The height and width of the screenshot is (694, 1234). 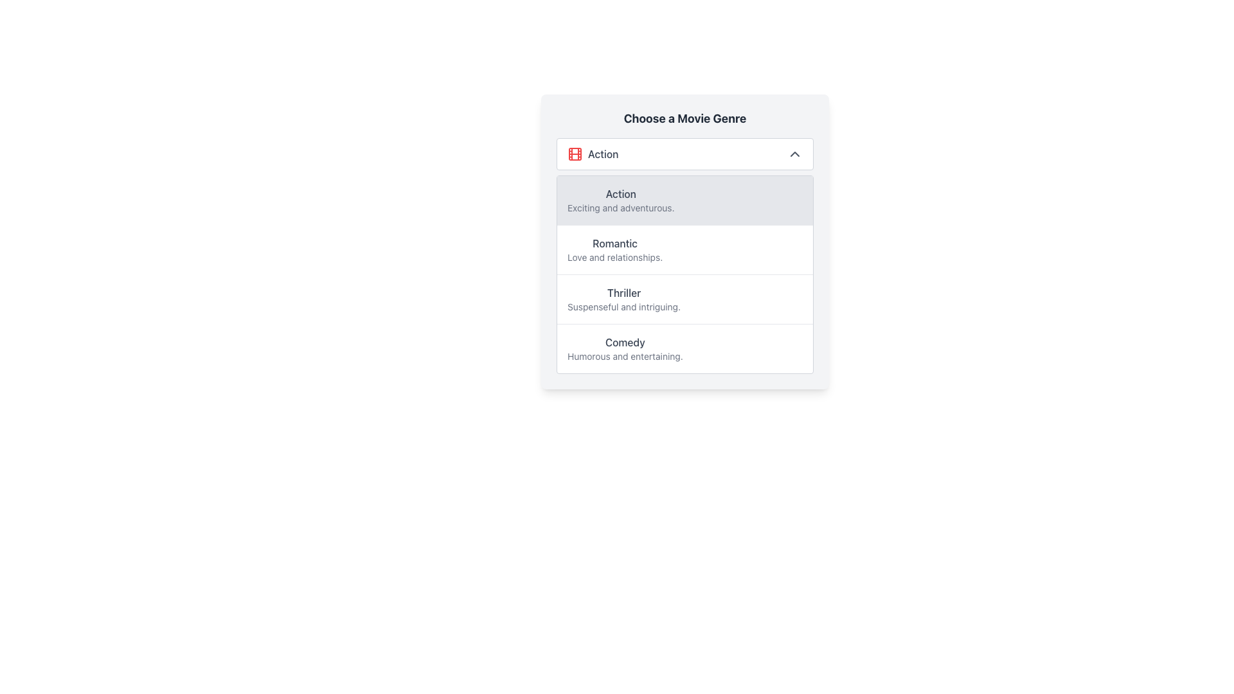 What do you see at coordinates (592, 153) in the screenshot?
I see `the 'Action' movie genre option in the dropdown menu` at bounding box center [592, 153].